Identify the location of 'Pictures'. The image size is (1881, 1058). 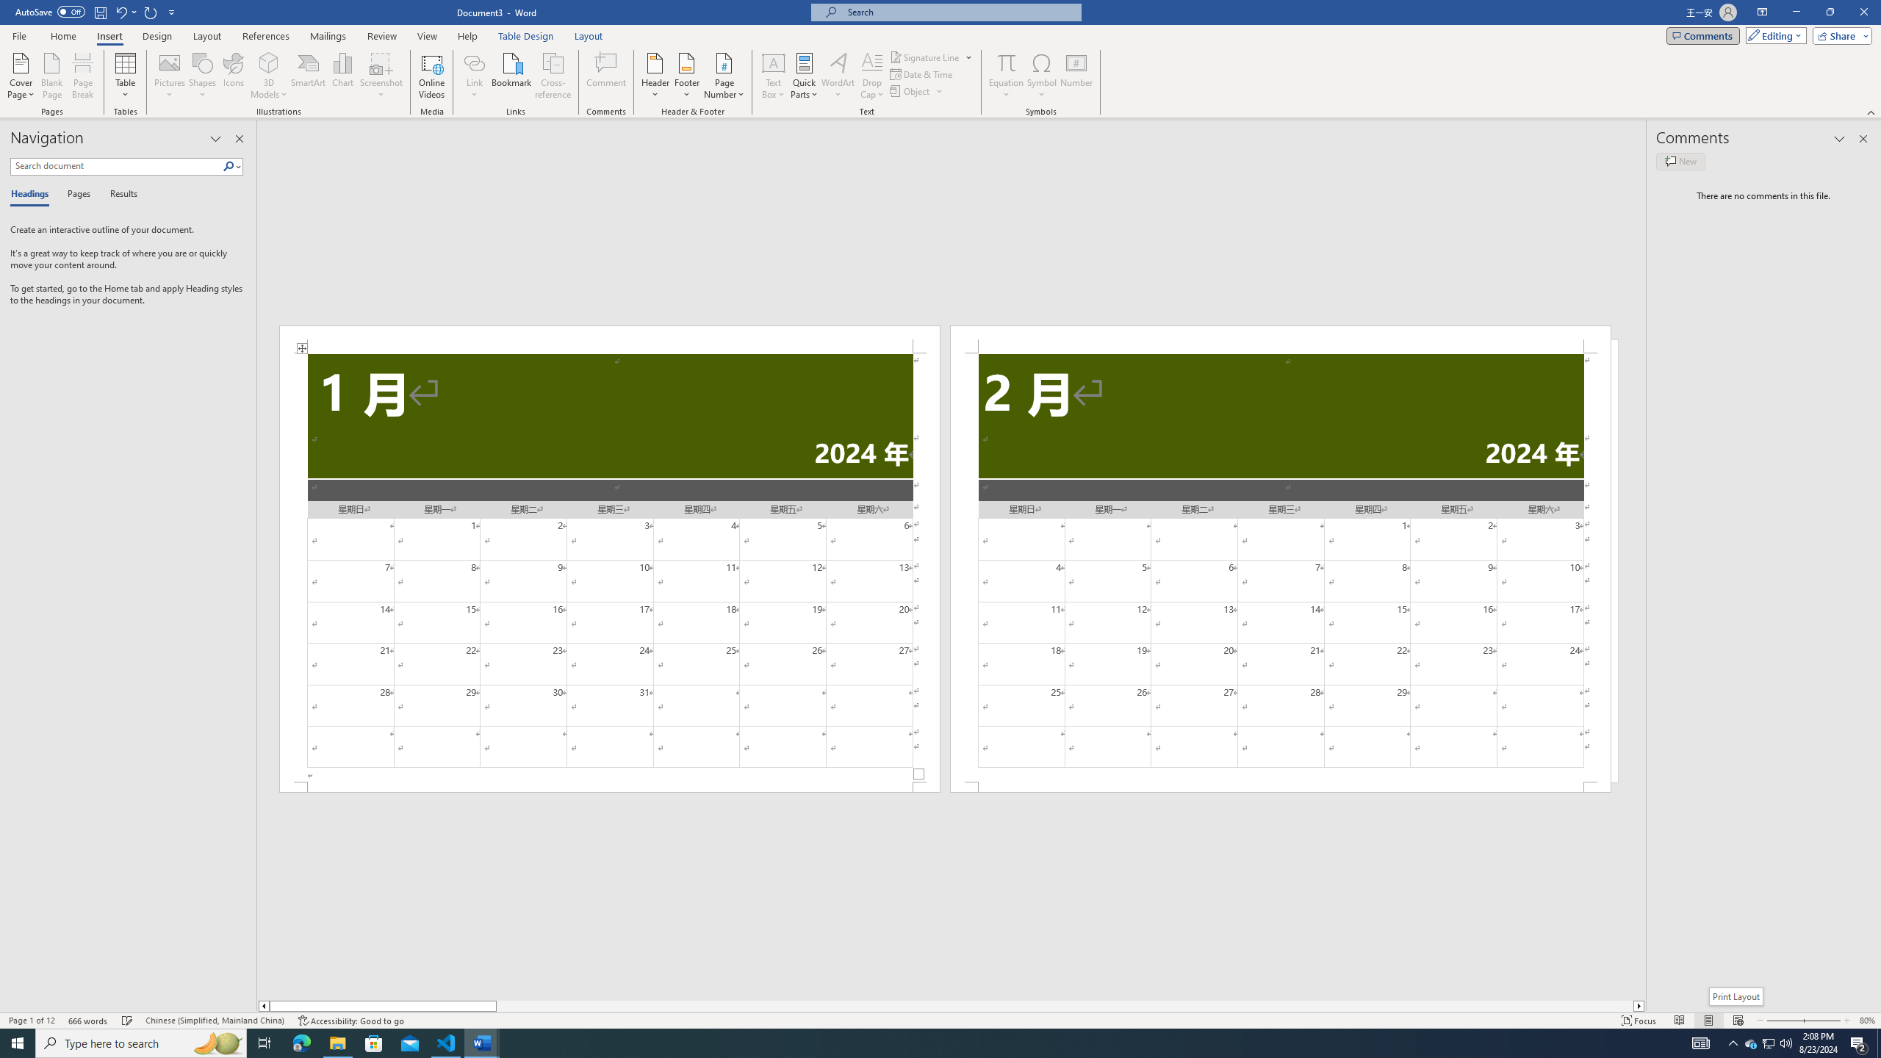
(170, 76).